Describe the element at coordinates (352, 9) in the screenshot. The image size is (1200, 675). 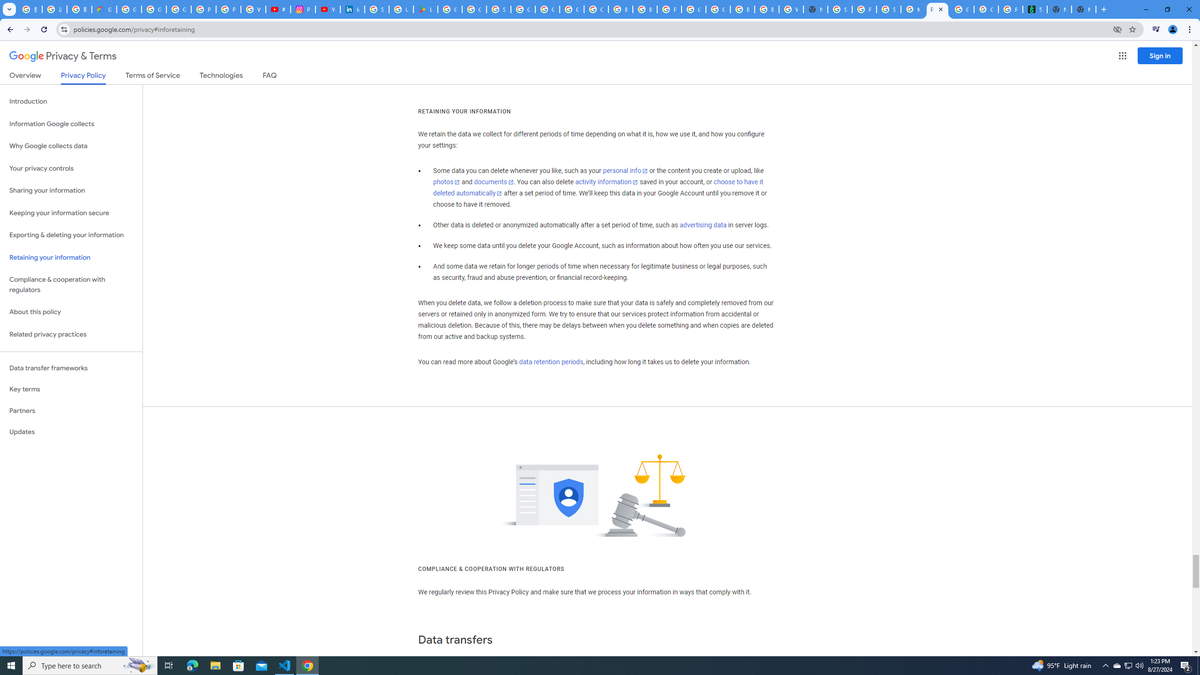
I see `'Identity verification via Persona | LinkedIn Help'` at that location.